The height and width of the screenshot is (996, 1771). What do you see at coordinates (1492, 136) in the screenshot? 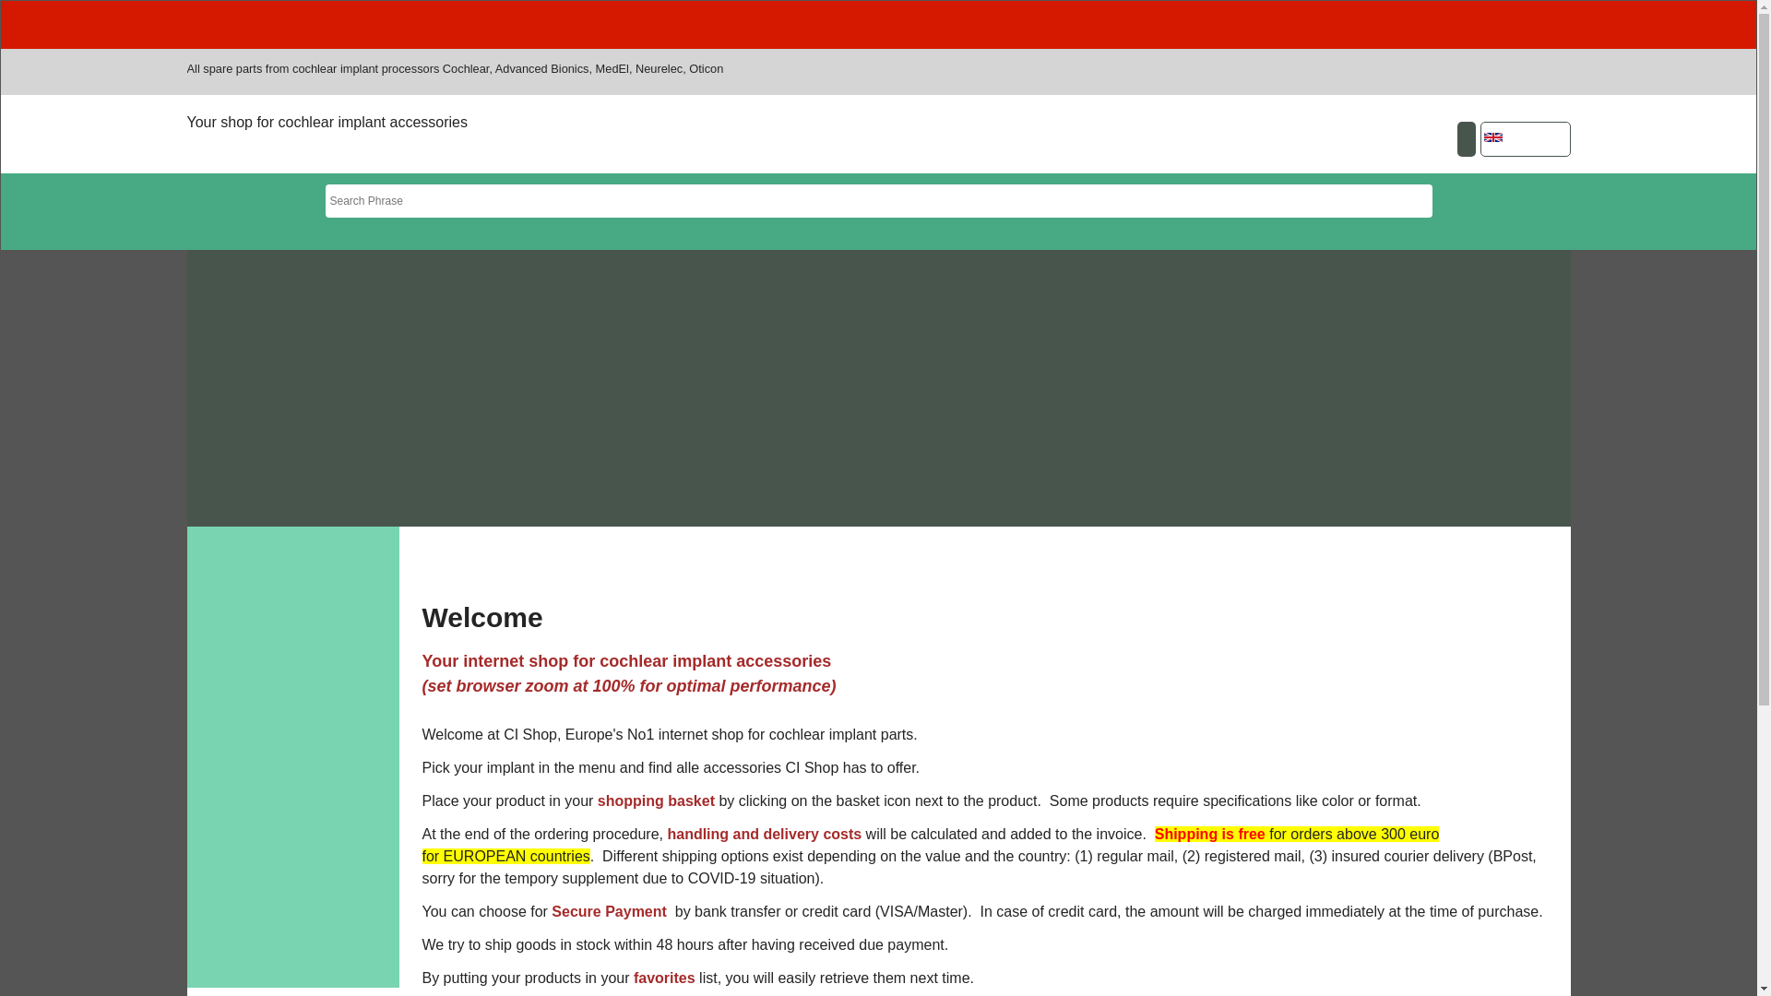
I see `'English'` at bounding box center [1492, 136].